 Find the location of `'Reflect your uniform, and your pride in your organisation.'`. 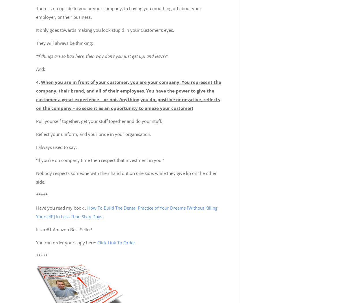

'Reflect your uniform, and your pride in your organisation.' is located at coordinates (93, 134).